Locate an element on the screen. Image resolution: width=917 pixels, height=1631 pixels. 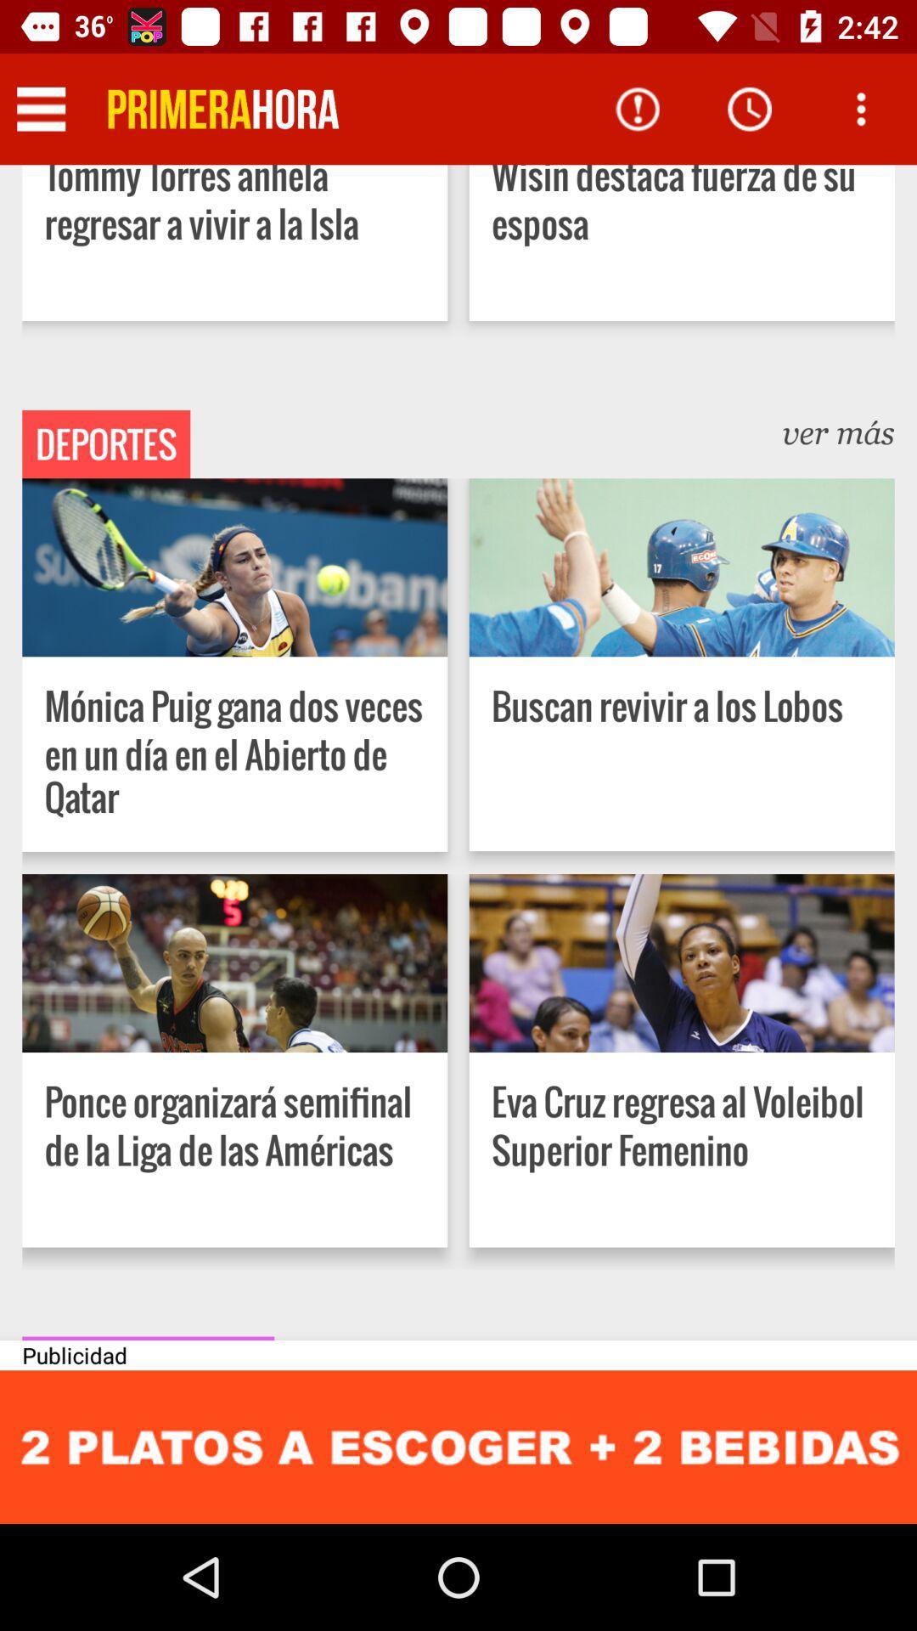
the deportes icon is located at coordinates (106, 444).